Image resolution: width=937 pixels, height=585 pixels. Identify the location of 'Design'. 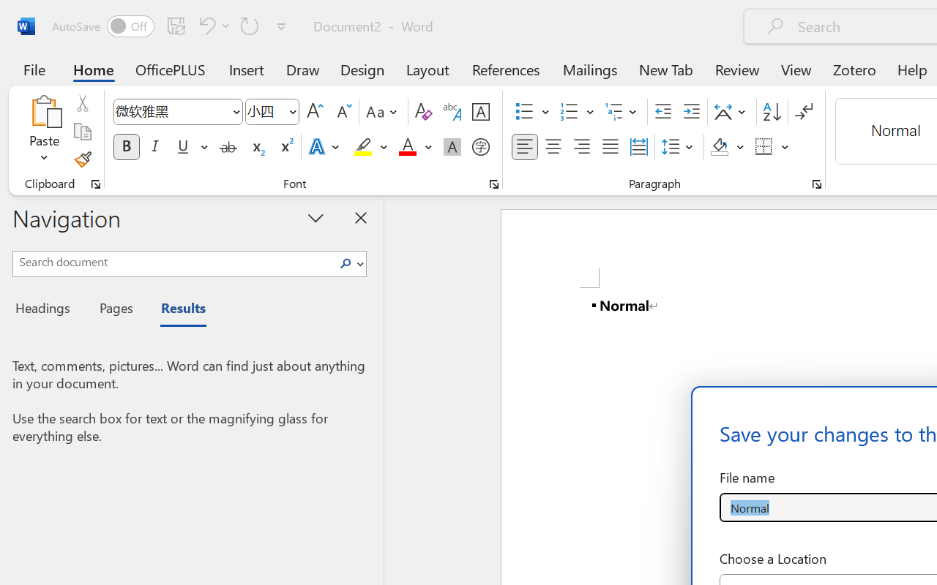
(362, 69).